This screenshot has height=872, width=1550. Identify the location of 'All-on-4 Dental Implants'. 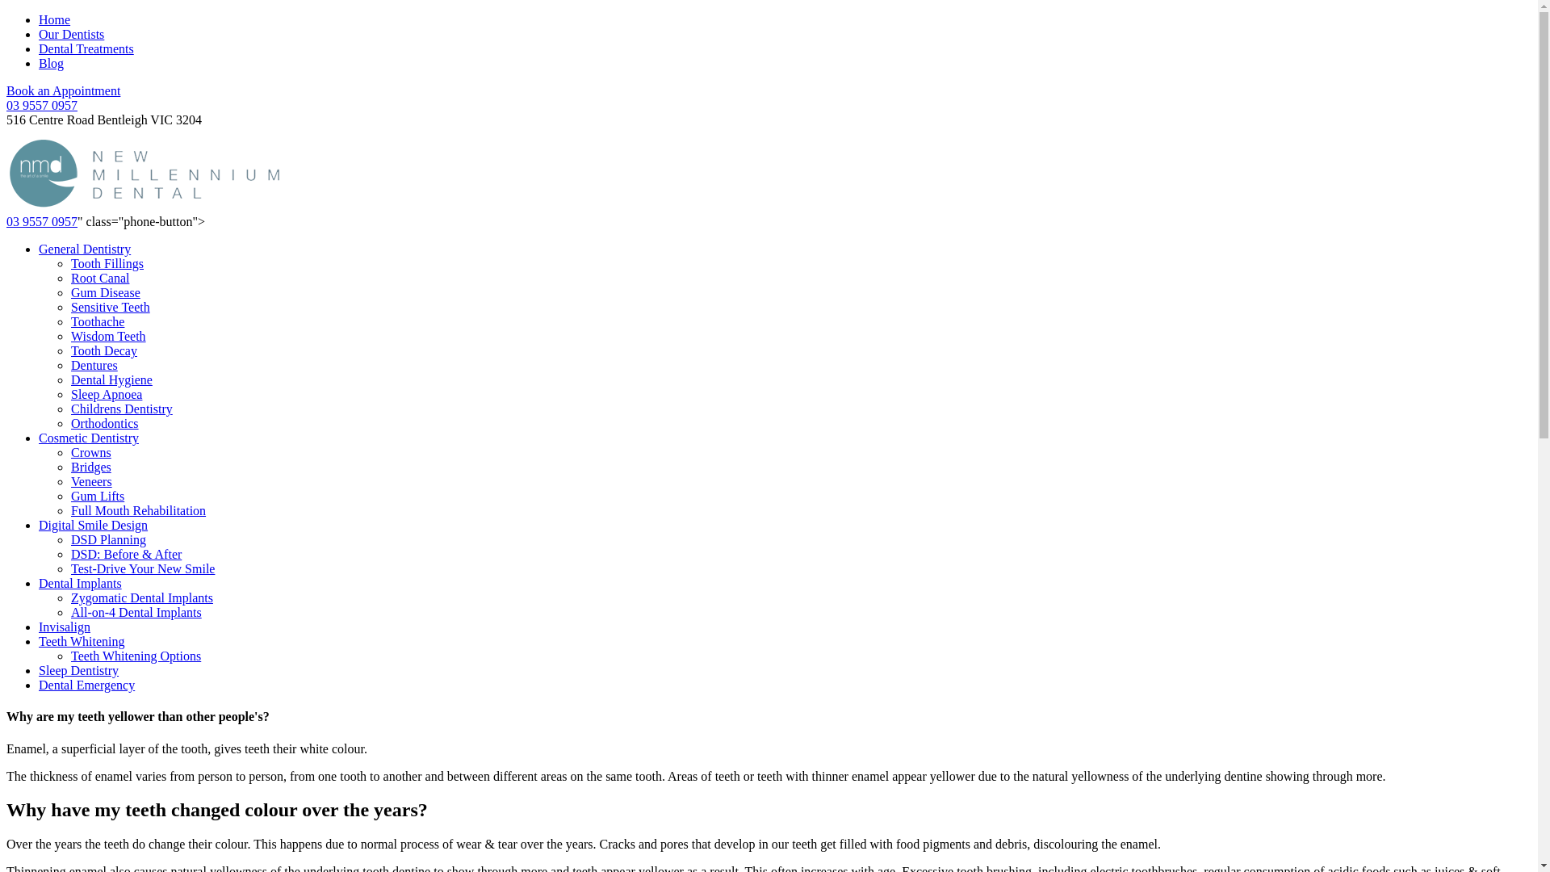
(136, 612).